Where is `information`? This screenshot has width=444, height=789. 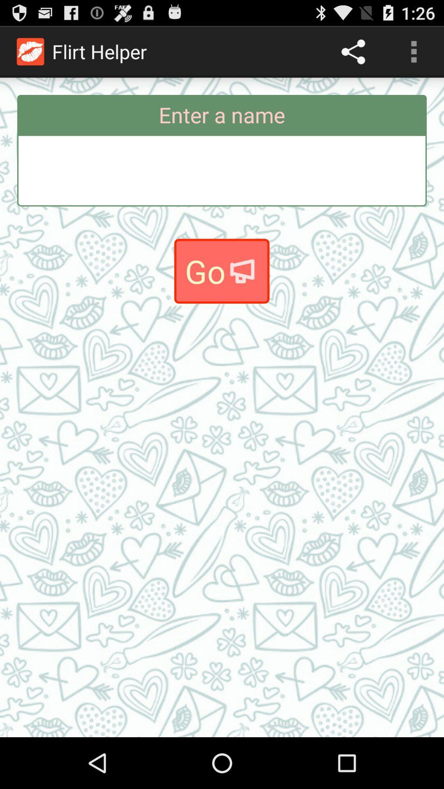 information is located at coordinates (222, 170).